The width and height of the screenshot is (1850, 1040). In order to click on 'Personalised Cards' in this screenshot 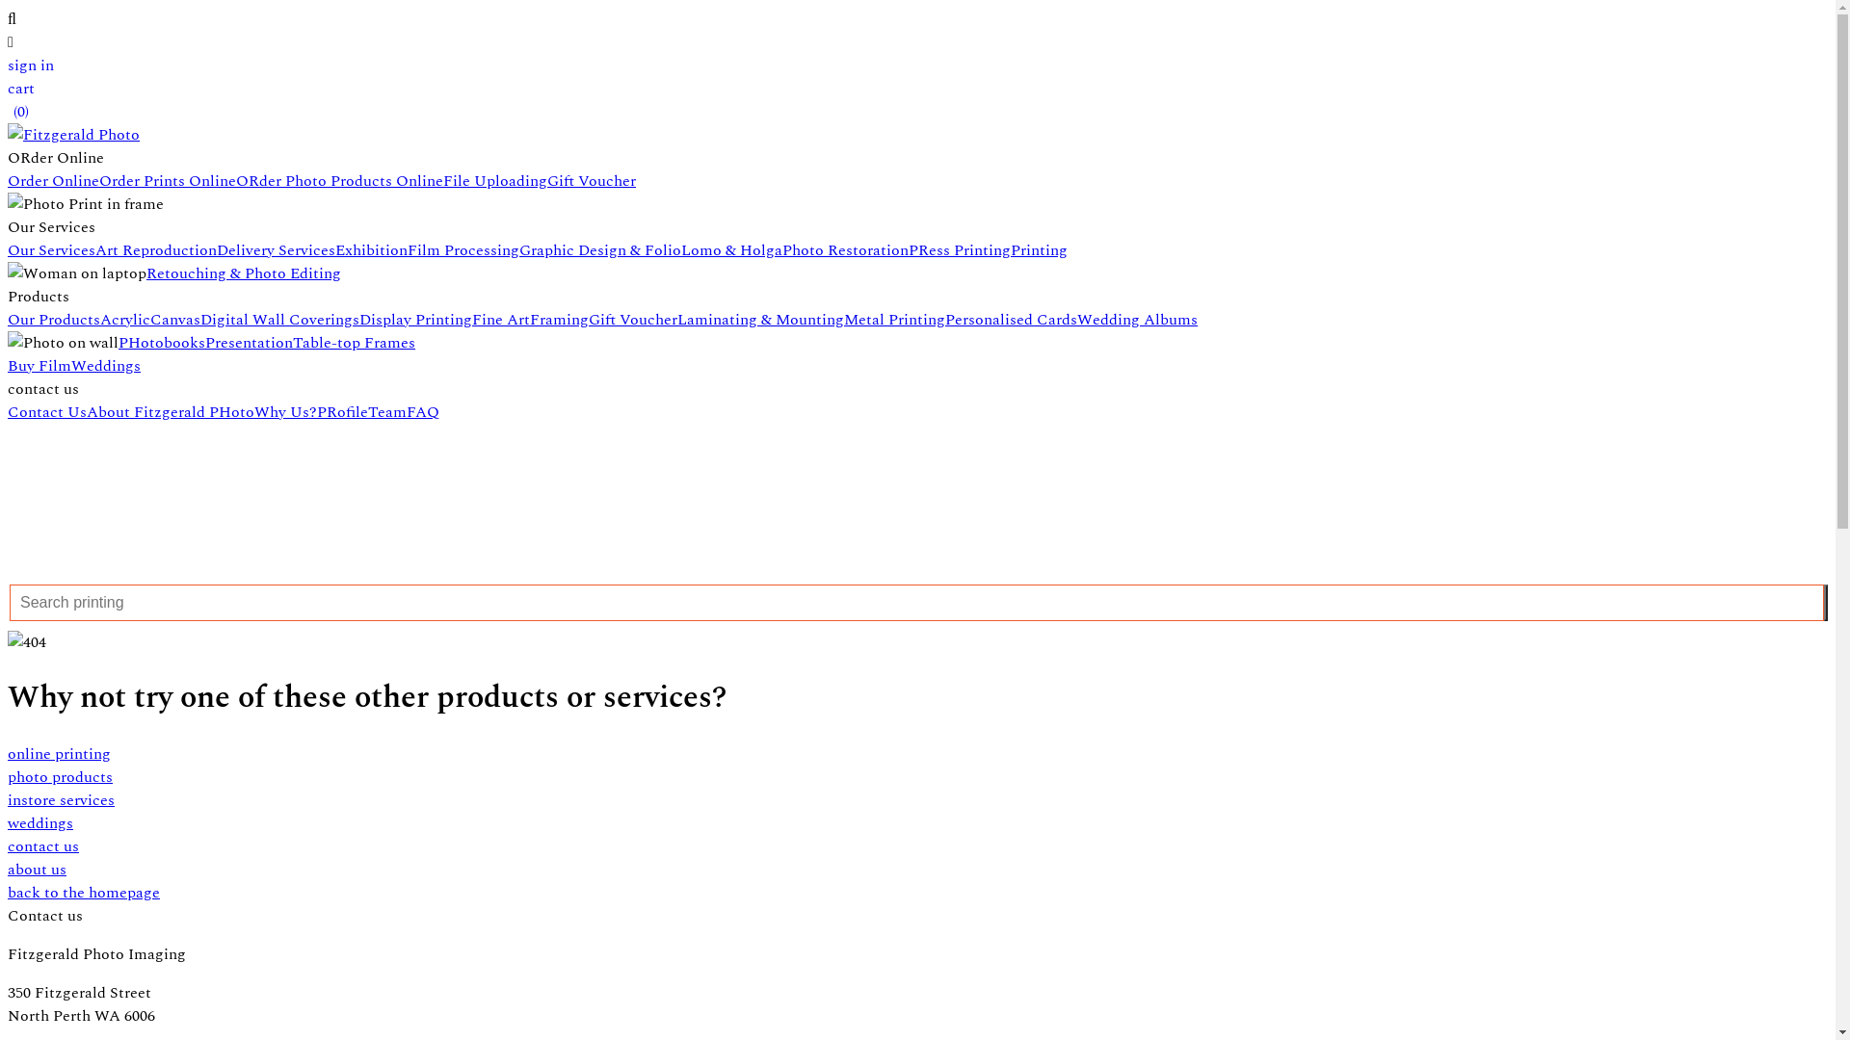, I will do `click(944, 318)`.